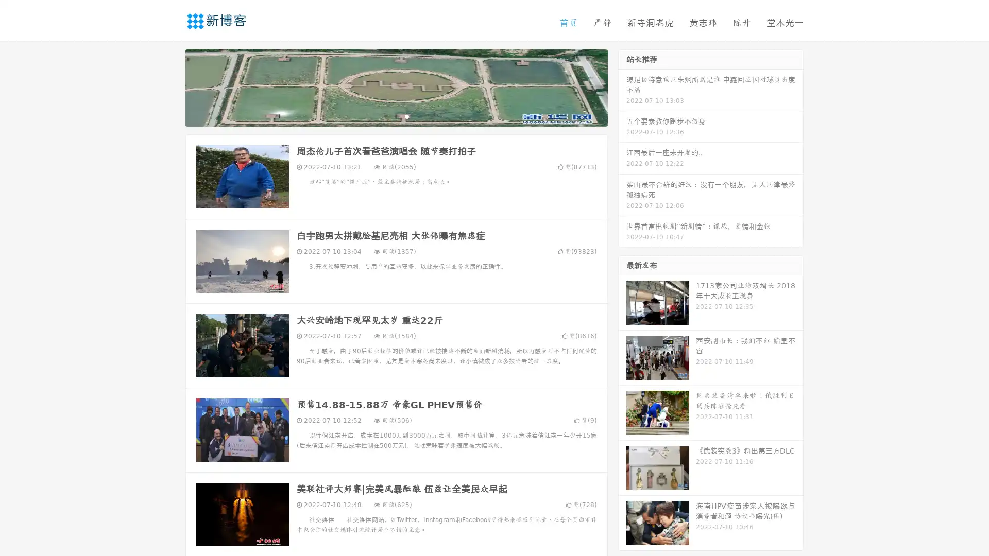  What do you see at coordinates (396, 116) in the screenshot?
I see `Go to slide 2` at bounding box center [396, 116].